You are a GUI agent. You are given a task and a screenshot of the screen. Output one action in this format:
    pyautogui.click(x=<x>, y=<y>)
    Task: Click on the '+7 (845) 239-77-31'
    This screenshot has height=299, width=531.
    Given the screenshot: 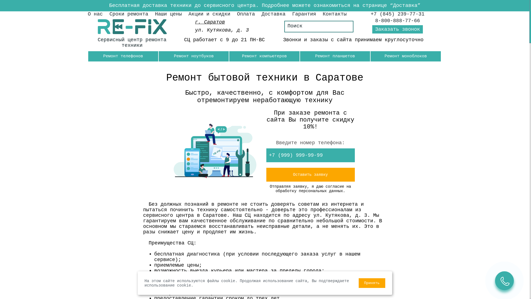 What is the action you would take?
    pyautogui.click(x=397, y=14)
    